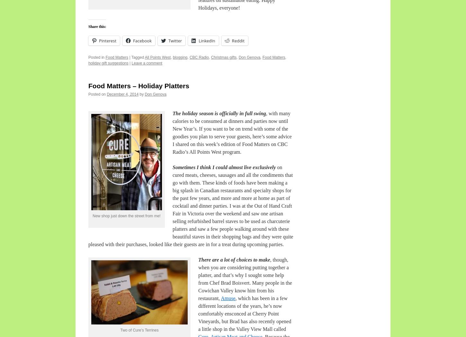 The height and width of the screenshot is (337, 466). Describe the element at coordinates (96, 57) in the screenshot. I see `'Posted in'` at that location.